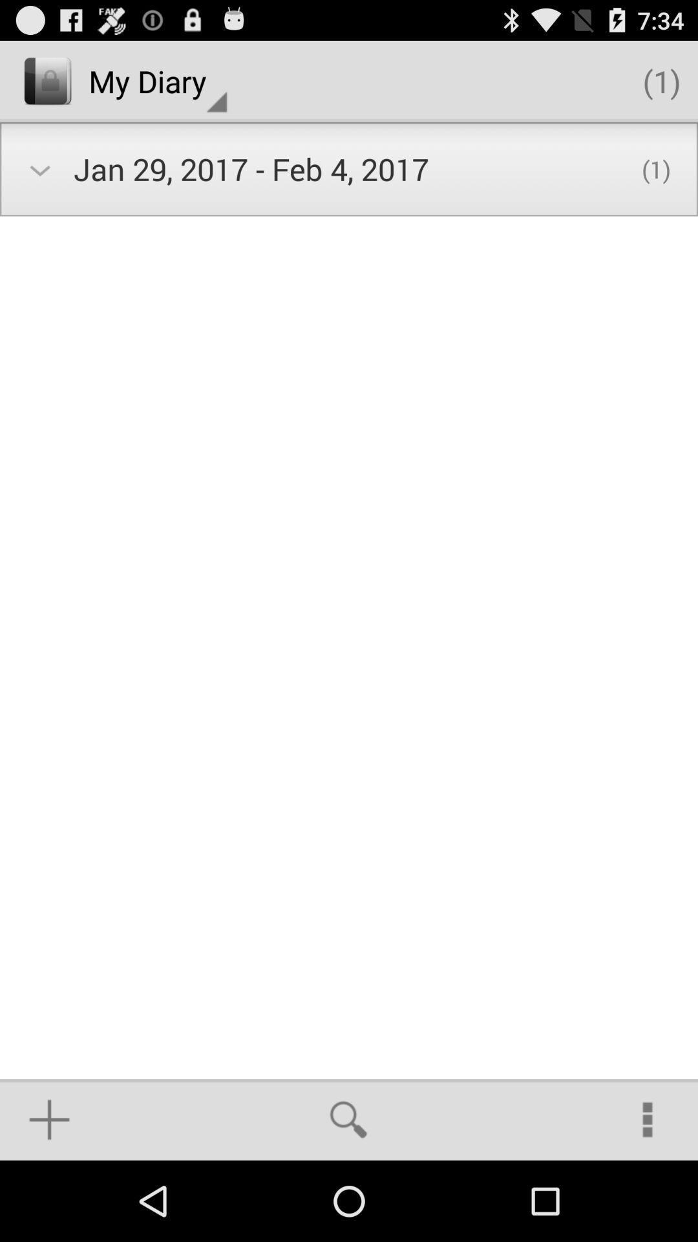 The height and width of the screenshot is (1242, 698). I want to click on the icon below the (1), so click(648, 1119).